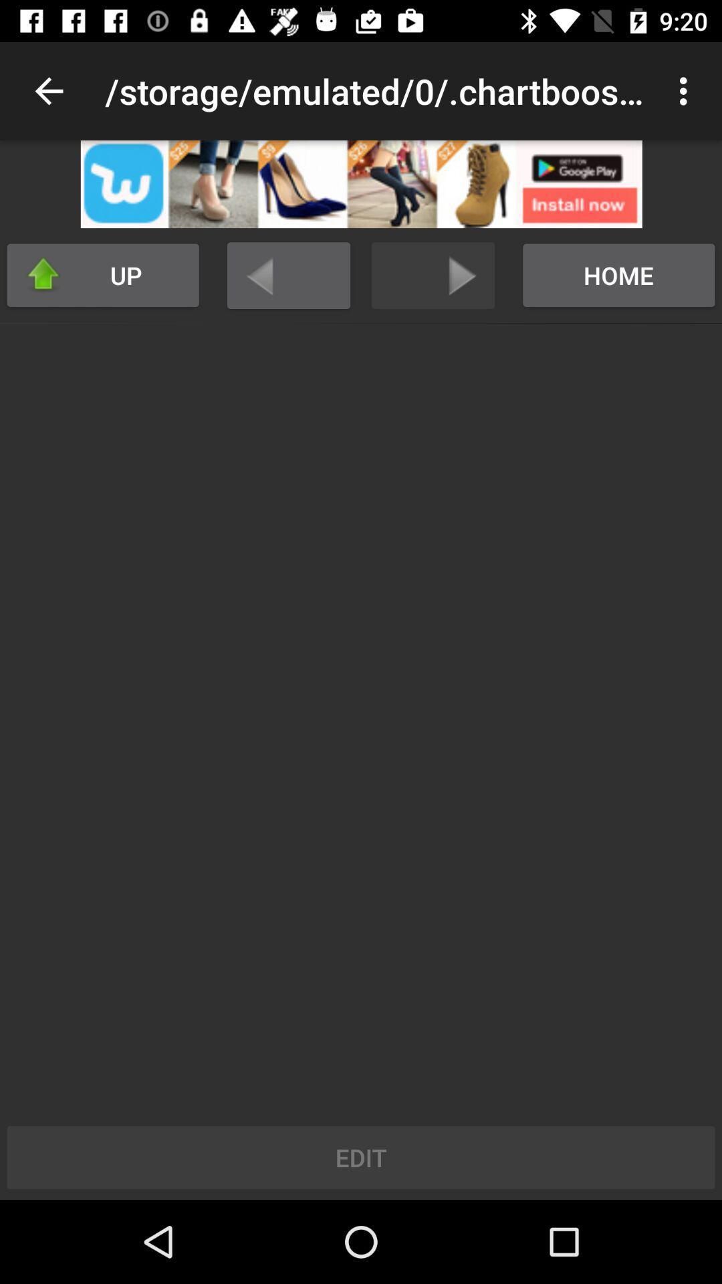  What do you see at coordinates (288, 275) in the screenshot?
I see `go back` at bounding box center [288, 275].